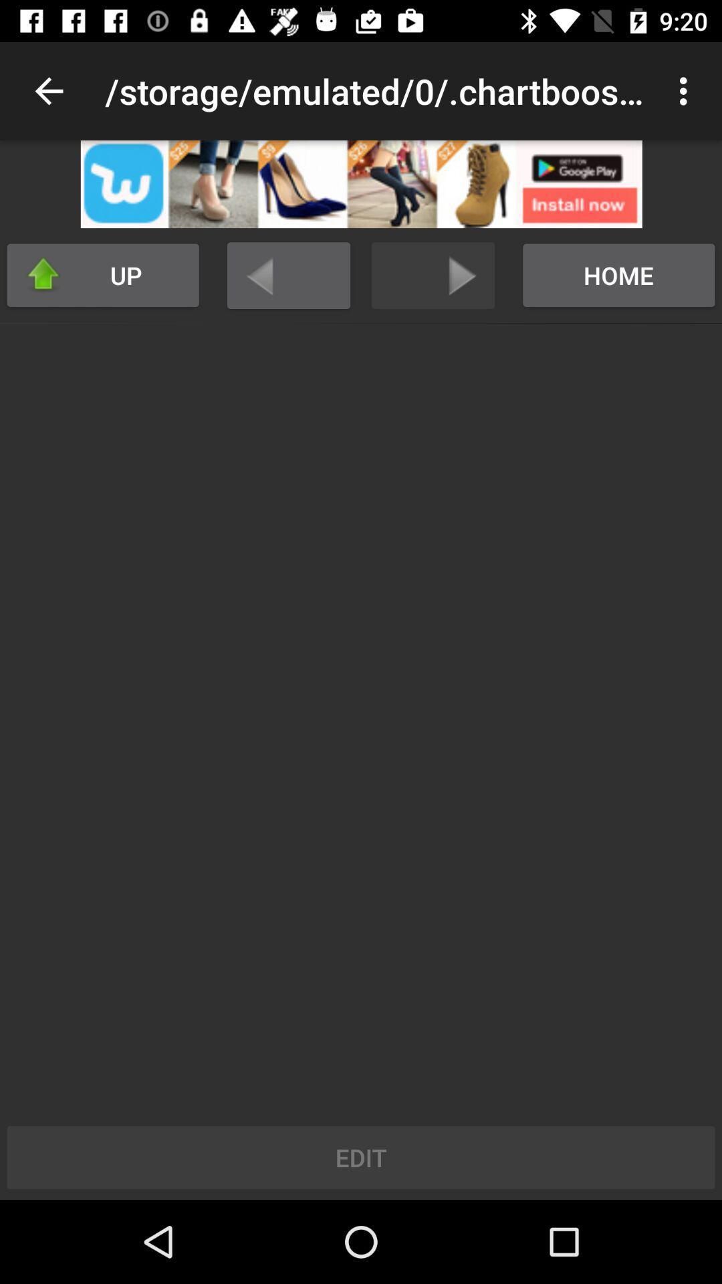  What do you see at coordinates (288, 275) in the screenshot?
I see `go back` at bounding box center [288, 275].